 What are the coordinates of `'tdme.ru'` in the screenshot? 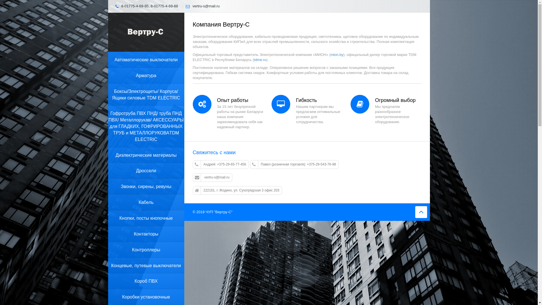 It's located at (260, 60).